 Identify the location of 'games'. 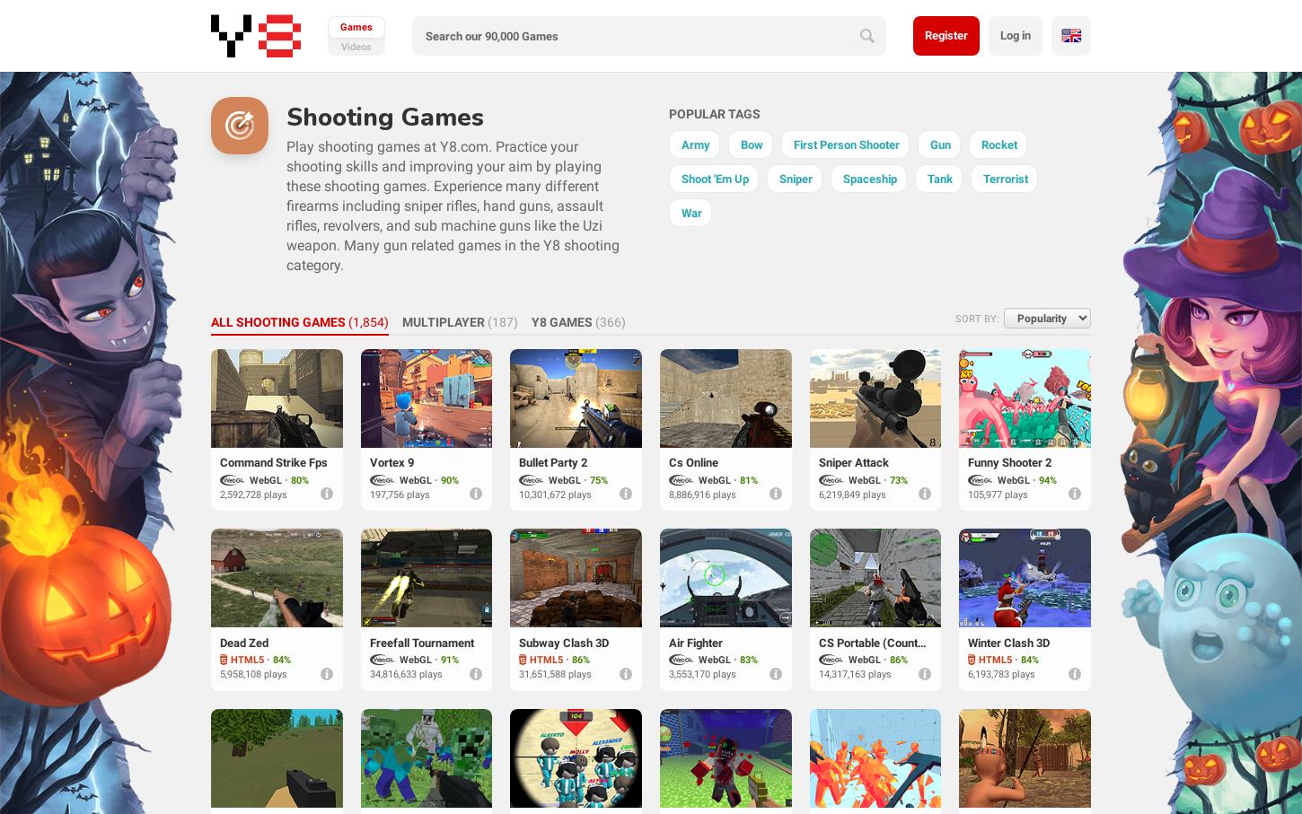
(356, 26).